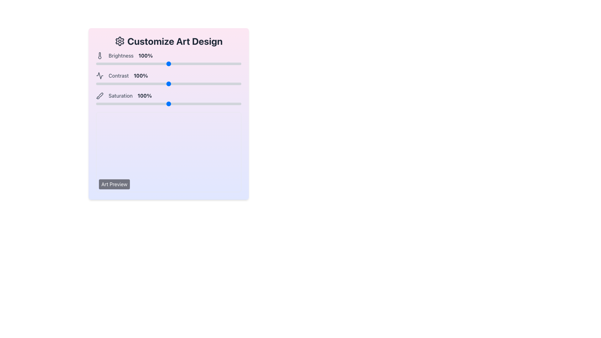 The width and height of the screenshot is (601, 338). Describe the element at coordinates (168, 83) in the screenshot. I see `the thumb of the contrast range slider located beneath the 'Contrast' label and the '100%' value text` at that location.